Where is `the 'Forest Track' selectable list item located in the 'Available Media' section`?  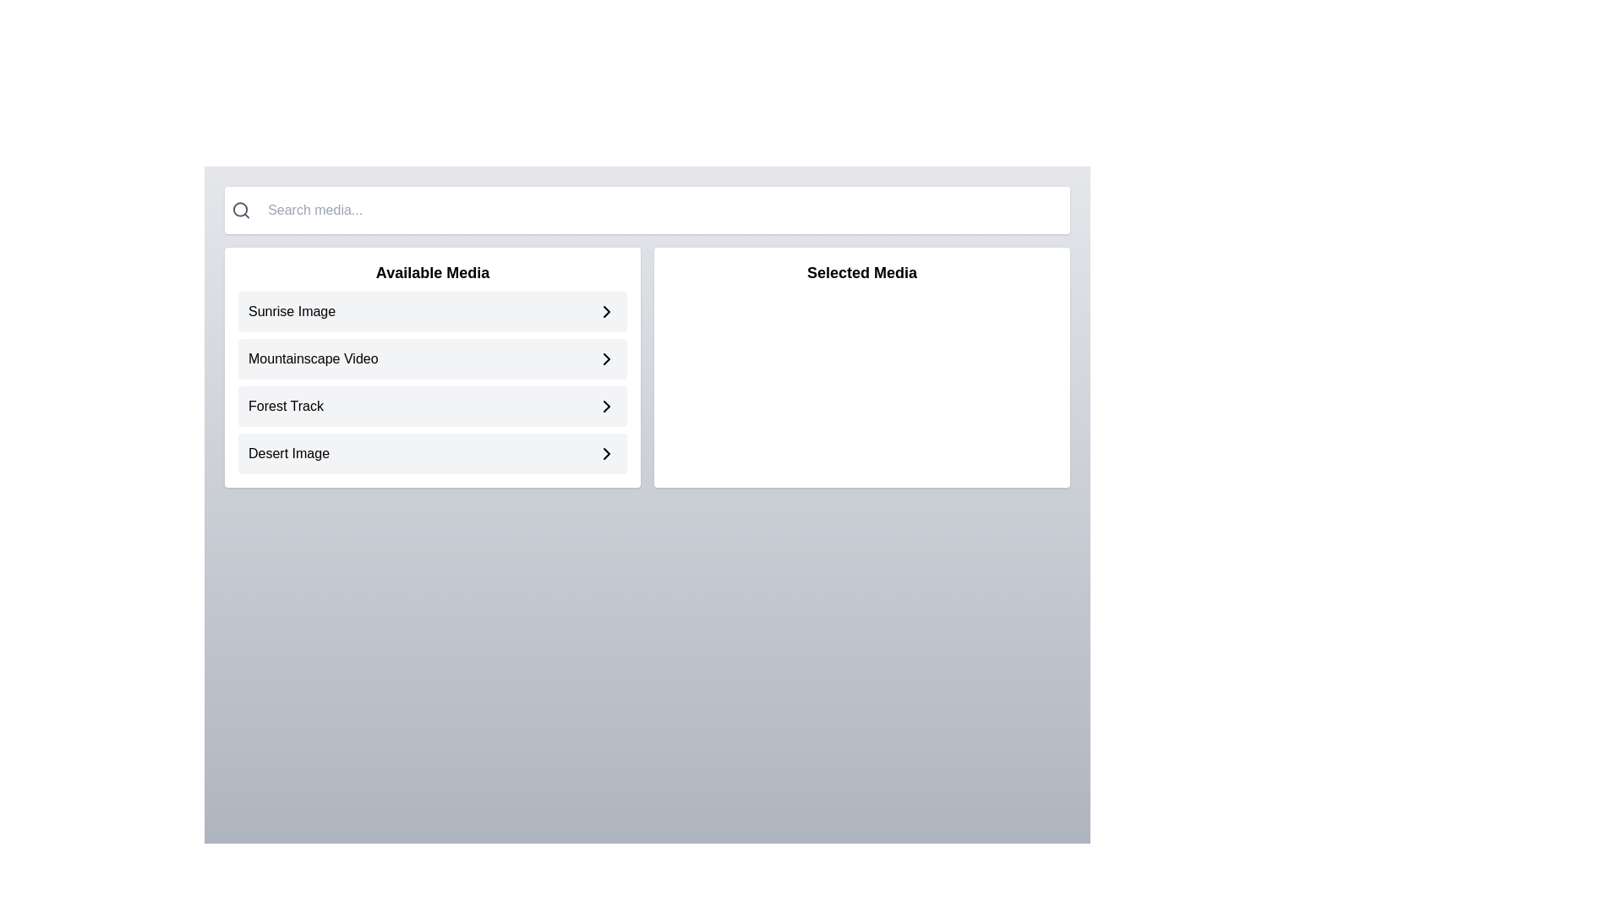 the 'Forest Track' selectable list item located in the 'Available Media' section is located at coordinates (433, 407).